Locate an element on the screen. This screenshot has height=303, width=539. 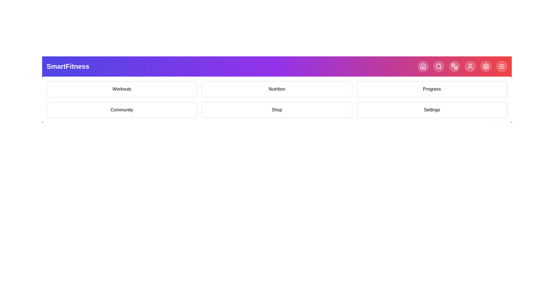
the navigation icon corresponding to Search is located at coordinates (438, 66).